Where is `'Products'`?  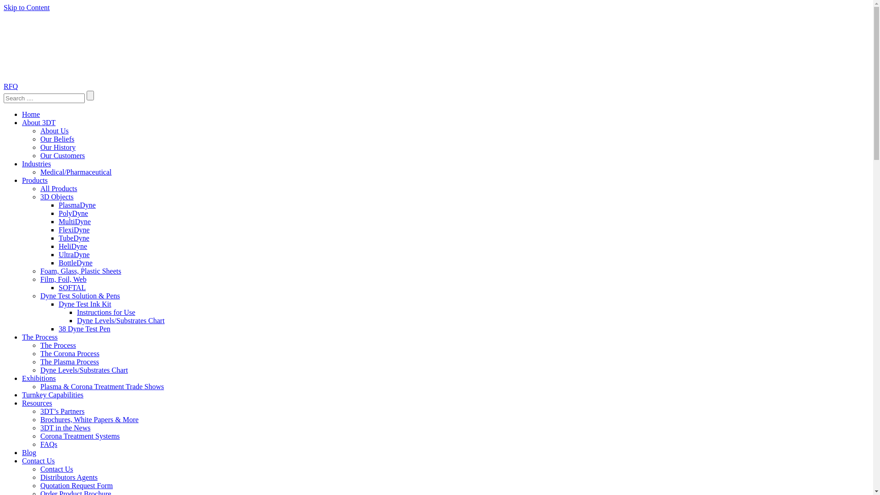 'Products' is located at coordinates (35, 180).